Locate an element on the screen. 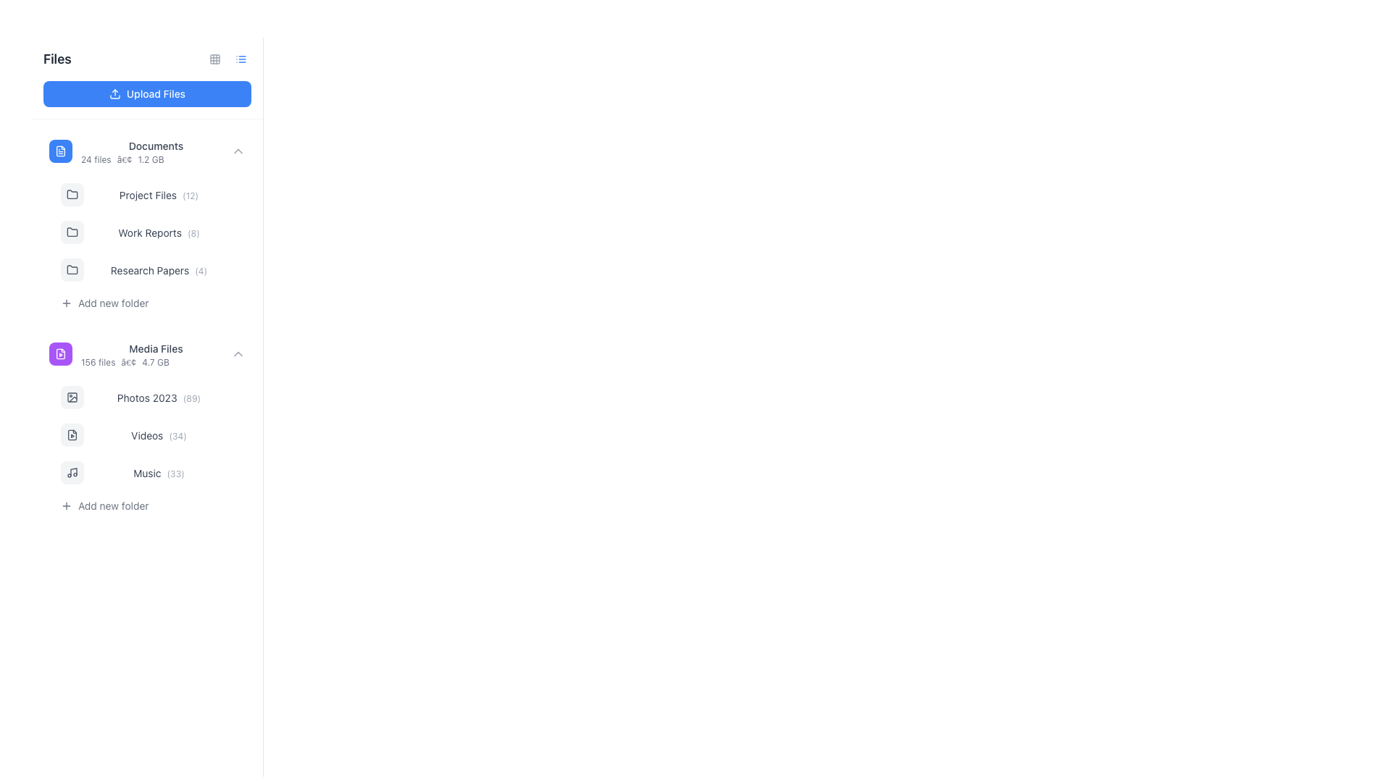  the small blue icon representing a list view, consisting of three stacked horizontal lines, located near the top-right of the user interface for additional options is located at coordinates (241, 58).